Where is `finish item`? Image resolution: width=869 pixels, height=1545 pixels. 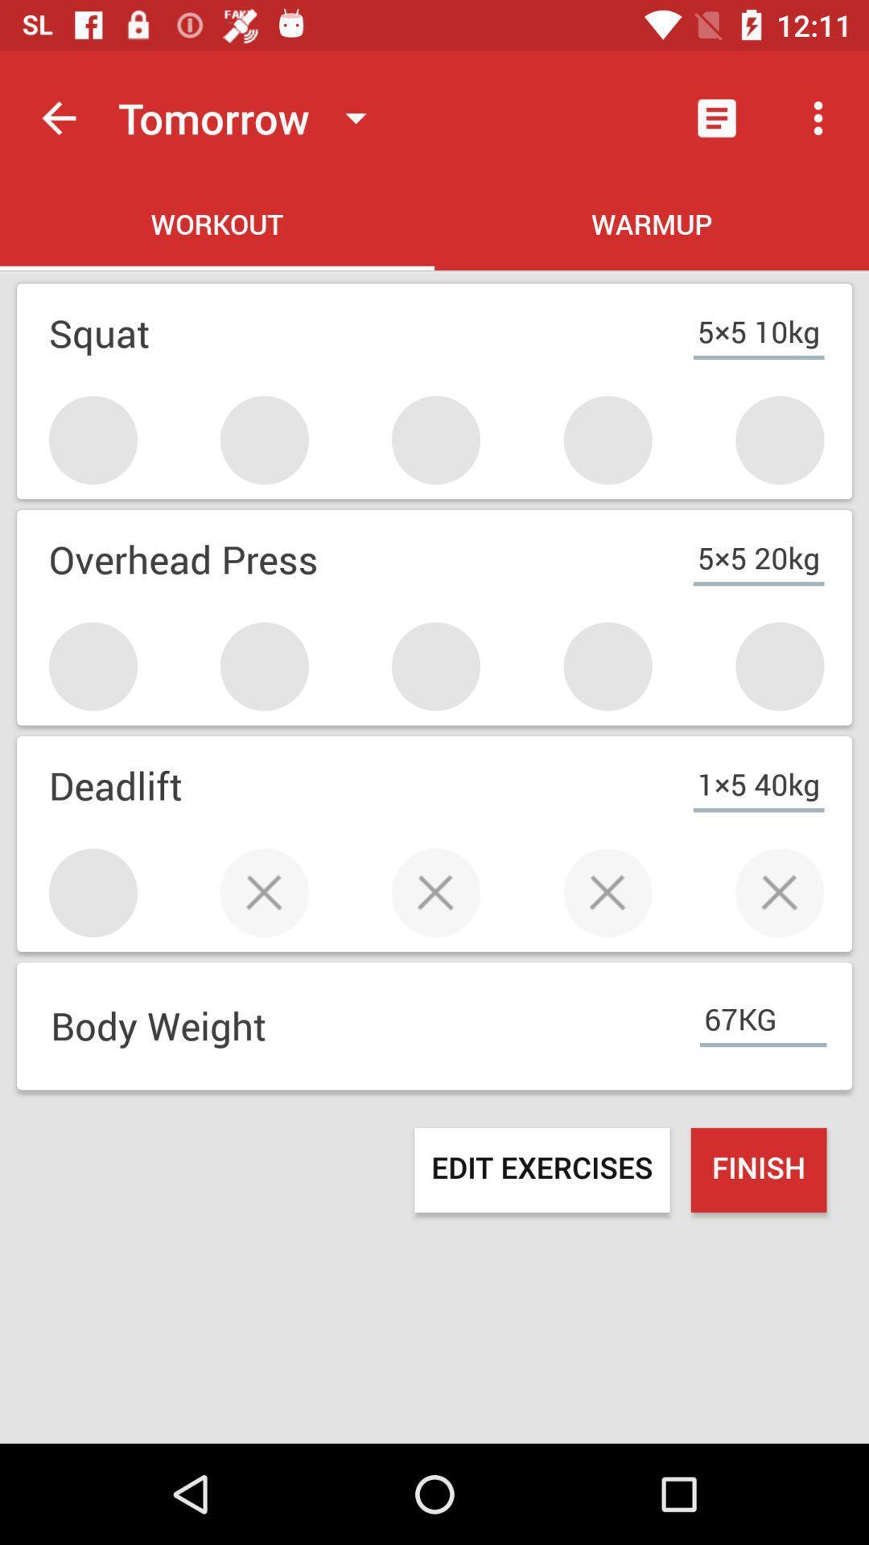
finish item is located at coordinates (759, 1170).